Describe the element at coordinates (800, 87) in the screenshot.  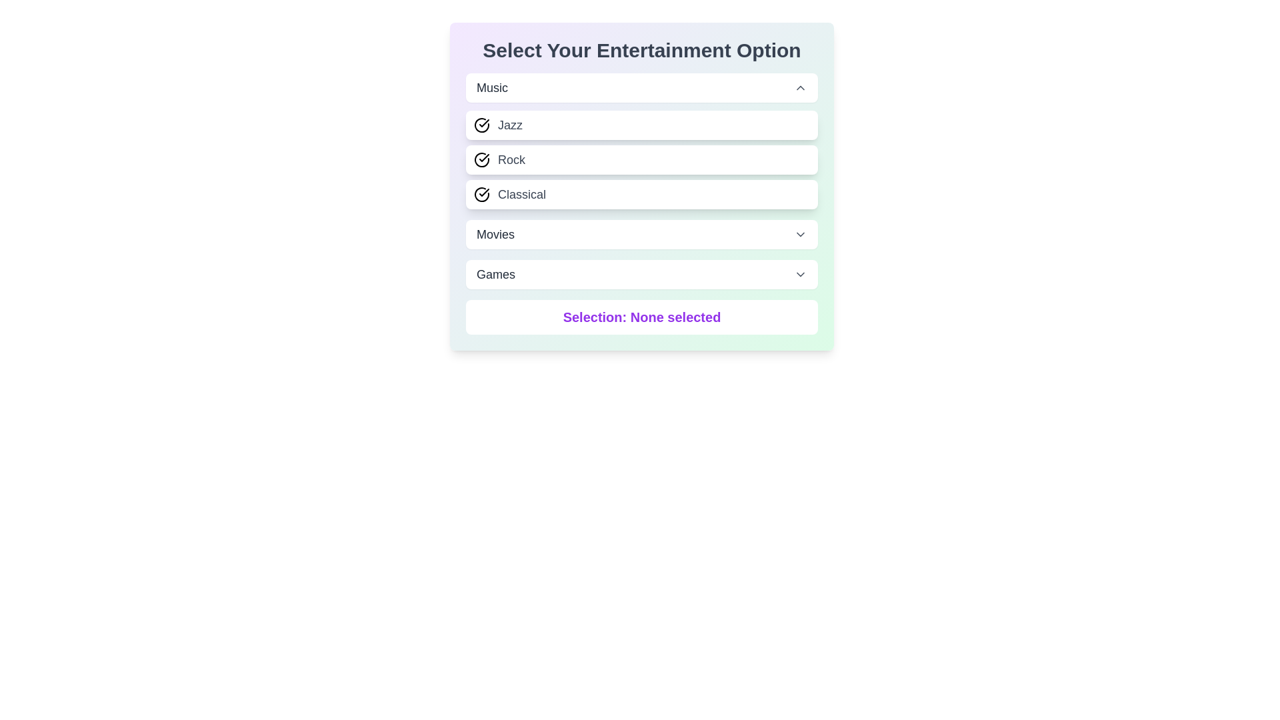
I see `the icon located at the far right of the horizontal line containing the text 'Music'` at that location.